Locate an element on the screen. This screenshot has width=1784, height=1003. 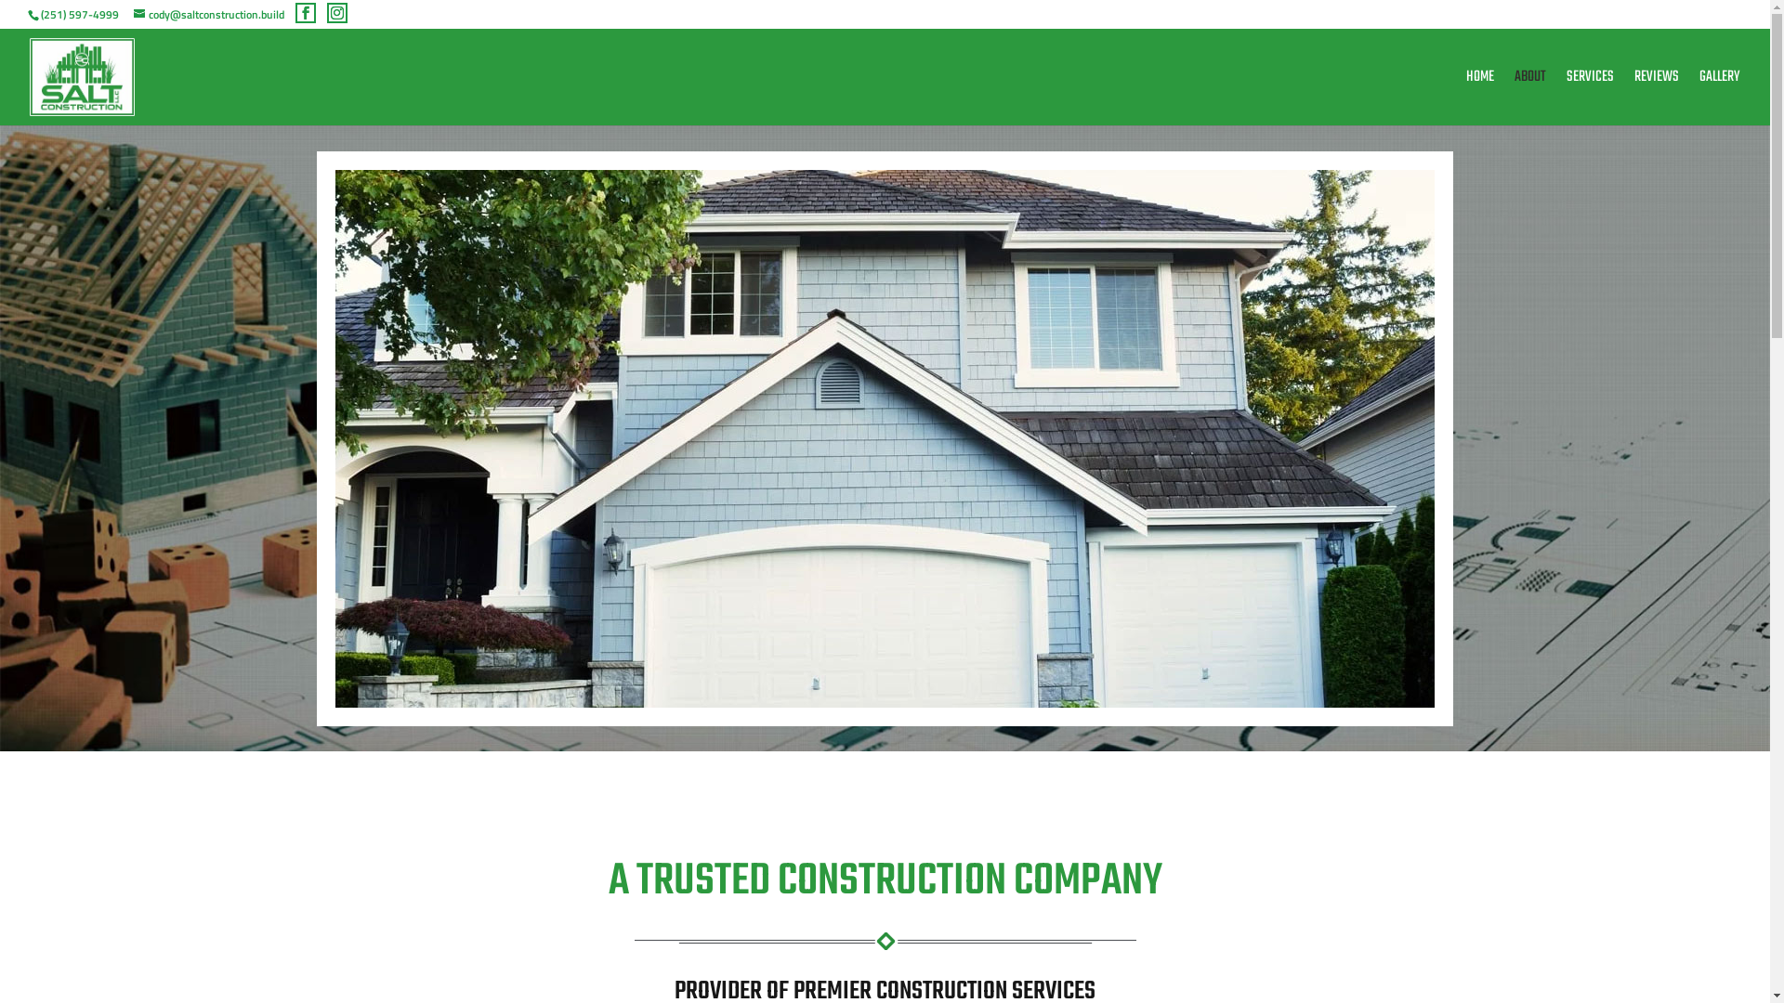
'GALLERY' is located at coordinates (1719, 98).